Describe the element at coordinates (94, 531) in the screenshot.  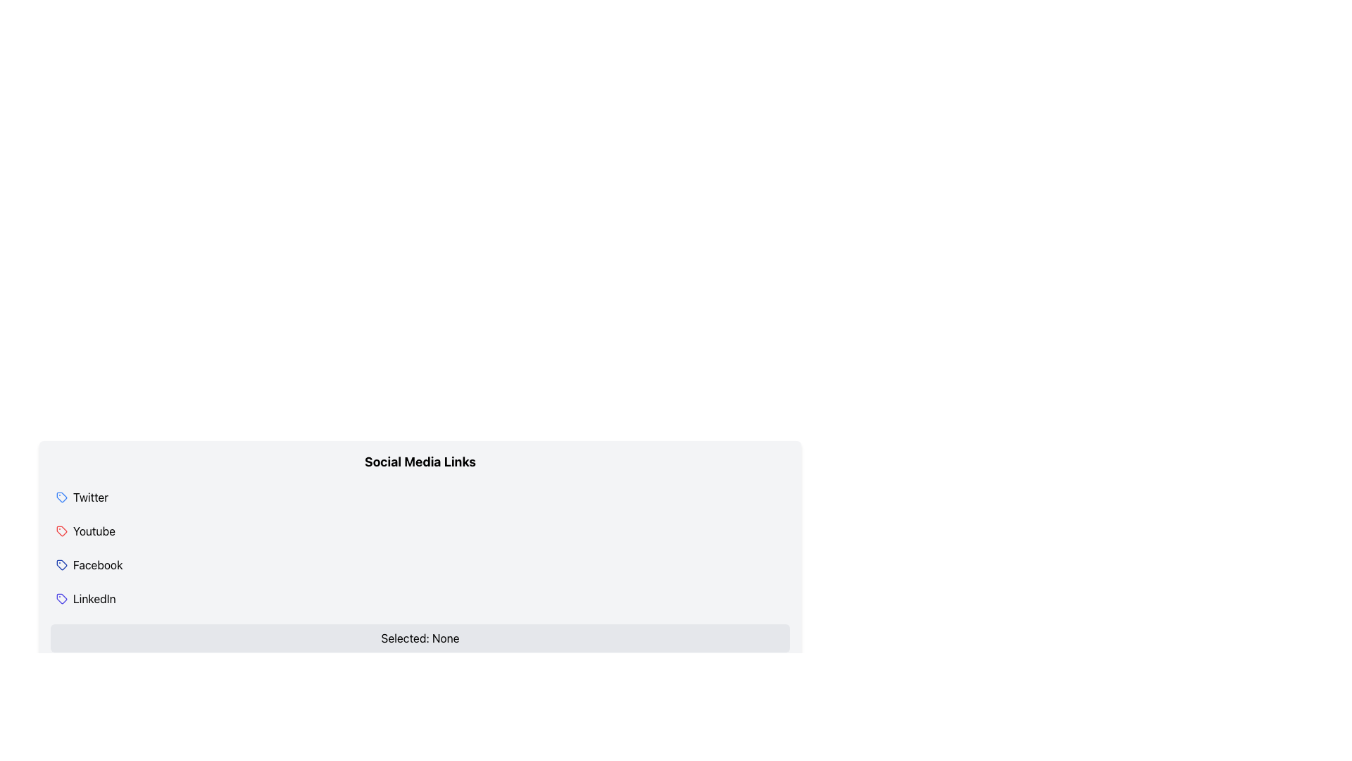
I see `the 'Youtube' text label which serves as an identifier for the associated social media platform, positioned below 'Twitter' and above 'Facebook' in the list of social media links` at that location.